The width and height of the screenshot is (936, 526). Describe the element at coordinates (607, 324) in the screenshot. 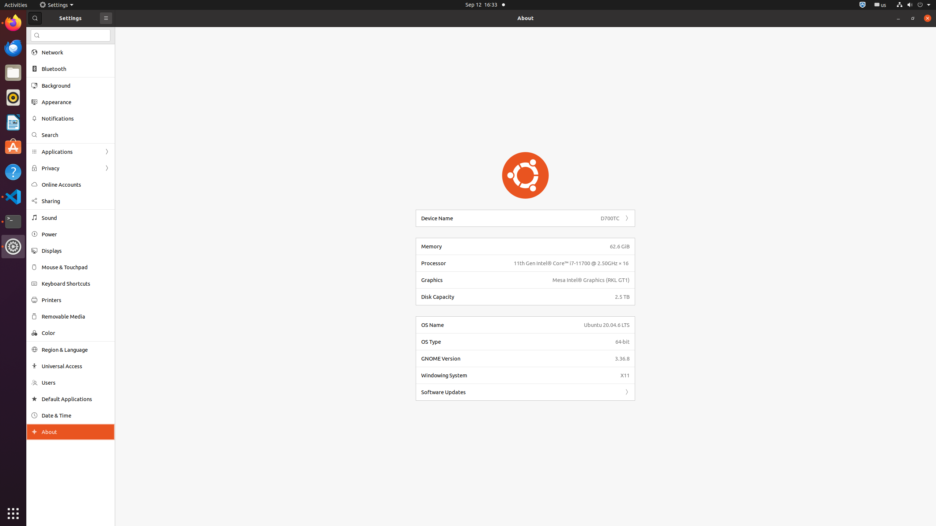

I see `'Ubuntu 20.04.6 LTS'` at that location.